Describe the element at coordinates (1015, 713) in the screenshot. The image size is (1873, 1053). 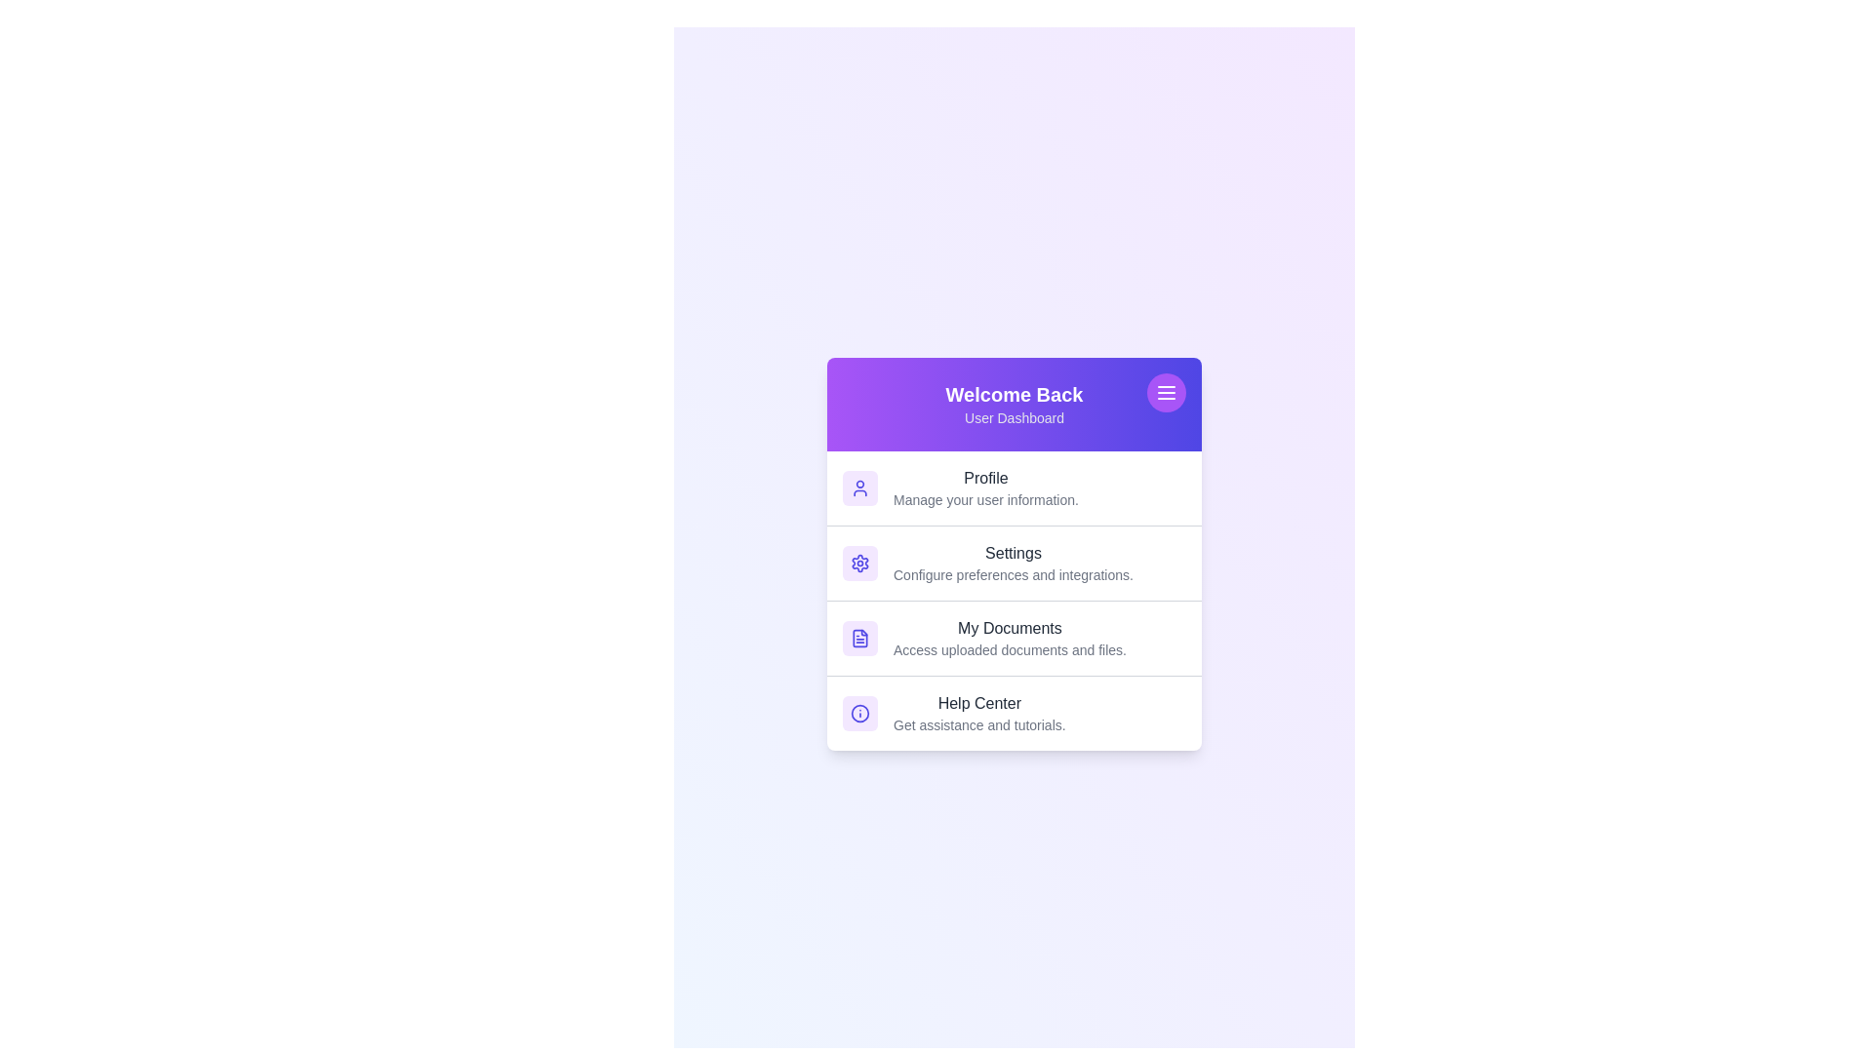
I see `the list item corresponding to Help Center` at that location.